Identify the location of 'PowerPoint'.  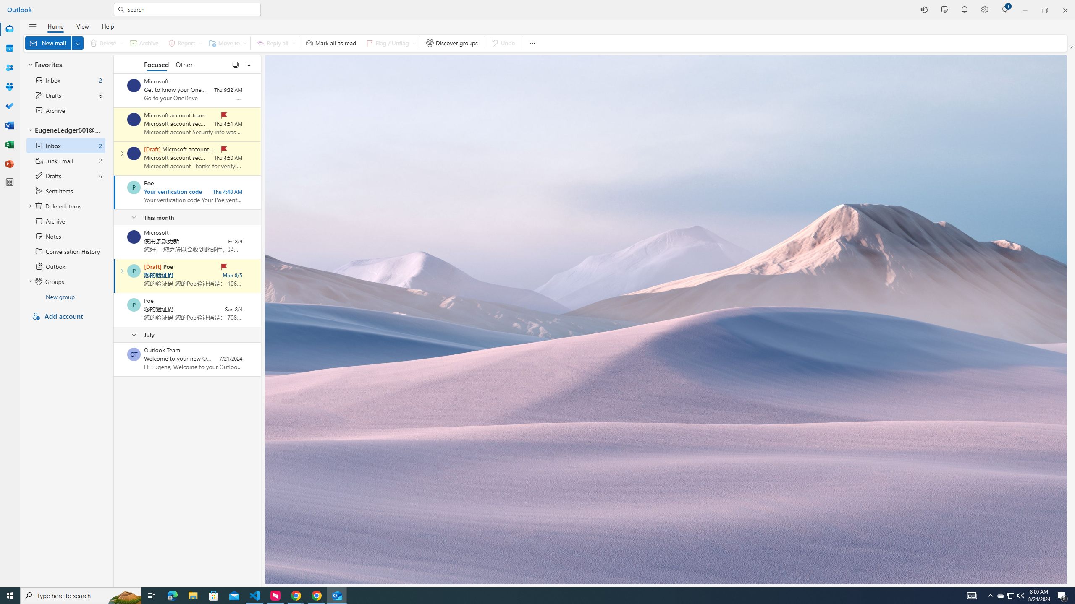
(10, 164).